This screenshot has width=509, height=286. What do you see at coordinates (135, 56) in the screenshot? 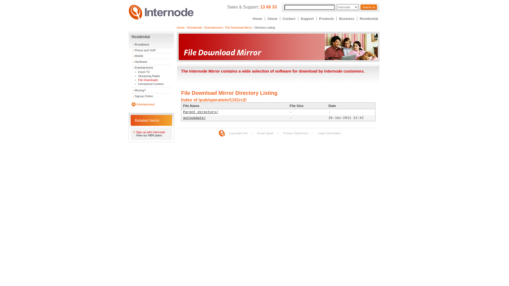
I see `'Mobile'` at bounding box center [135, 56].